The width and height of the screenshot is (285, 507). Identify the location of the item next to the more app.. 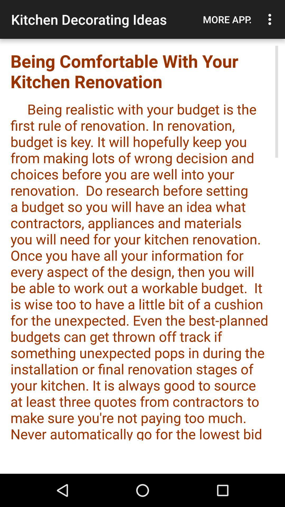
(271, 19).